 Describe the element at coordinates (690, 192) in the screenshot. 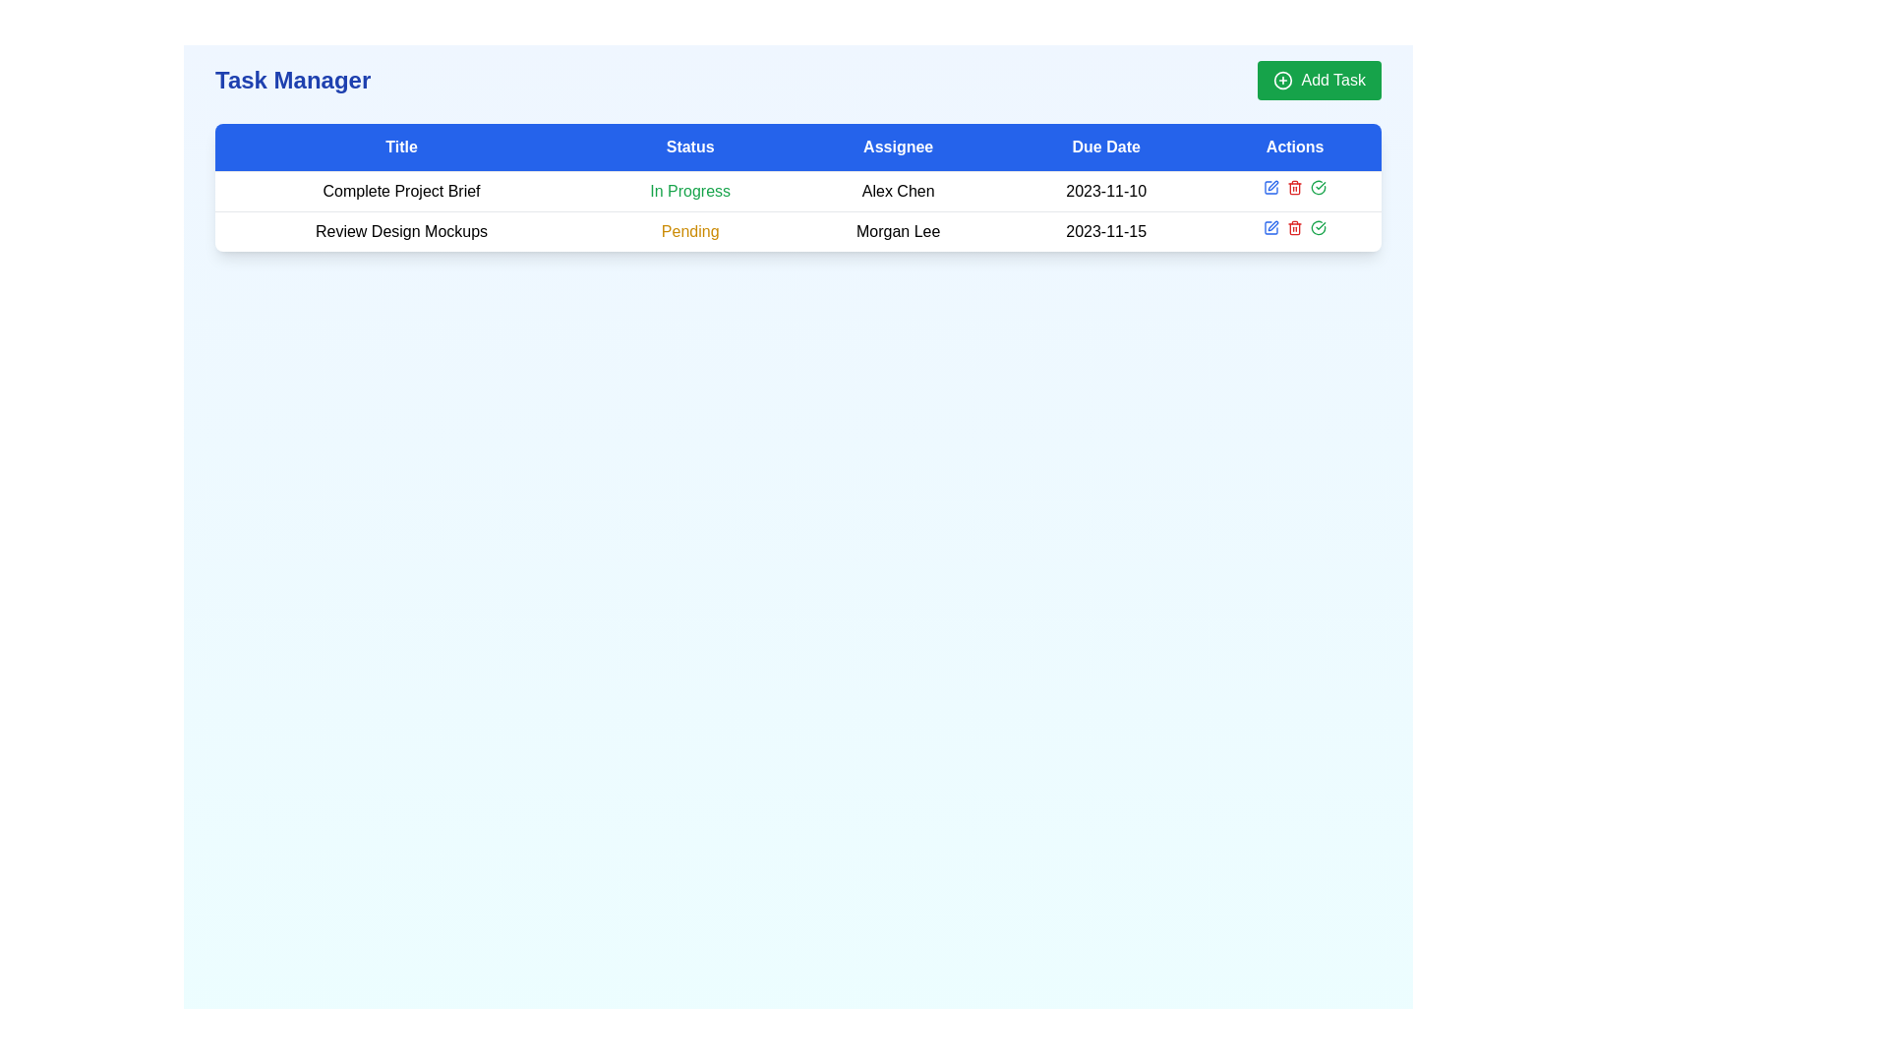

I see `the Status label indicating the current status of the task 'Complete Project Brief', located in the second column of the first row under the 'Status' header` at that location.